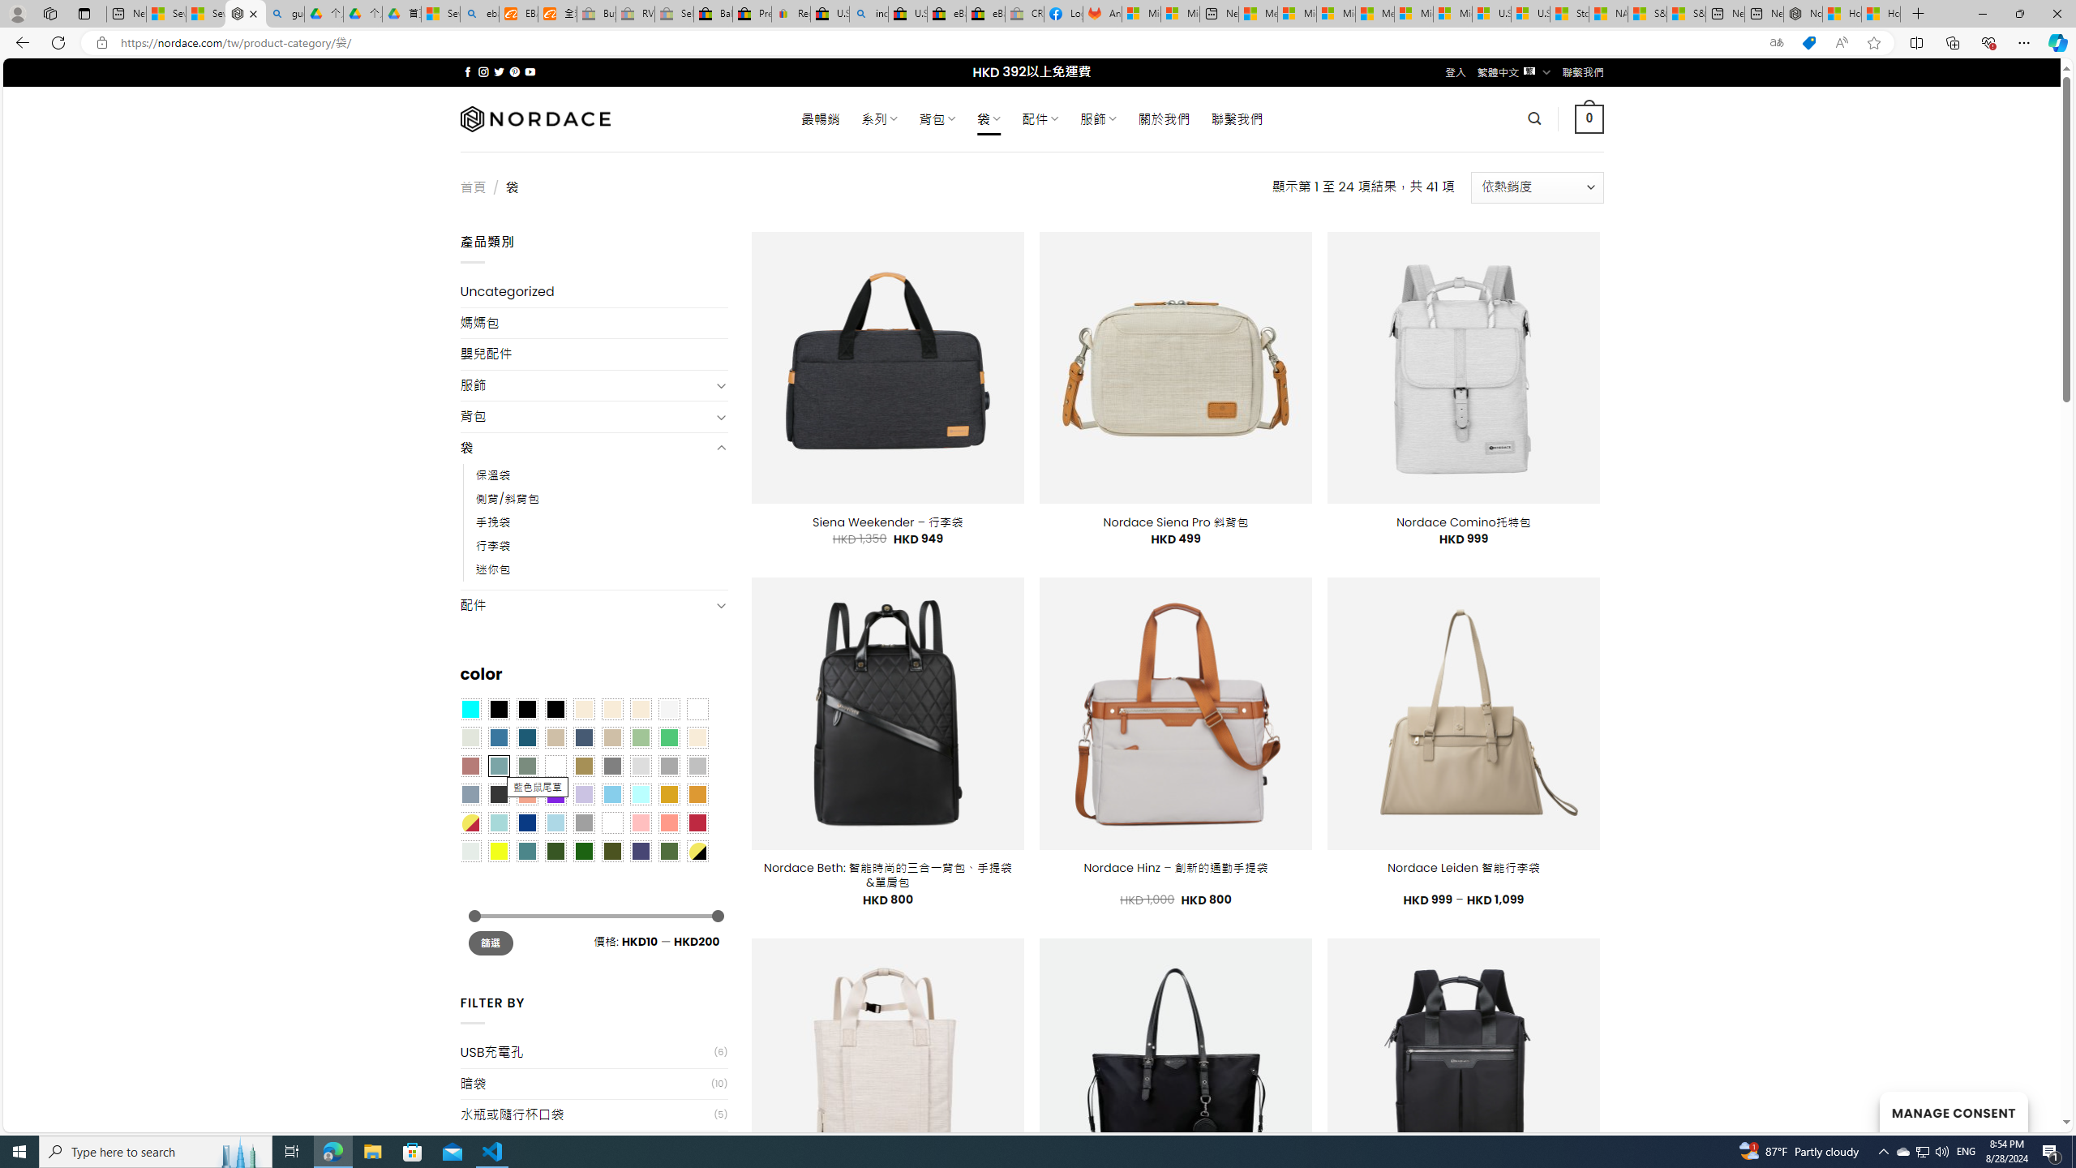 The height and width of the screenshot is (1168, 2076). I want to click on 'guge yunpan - Search', so click(285, 13).